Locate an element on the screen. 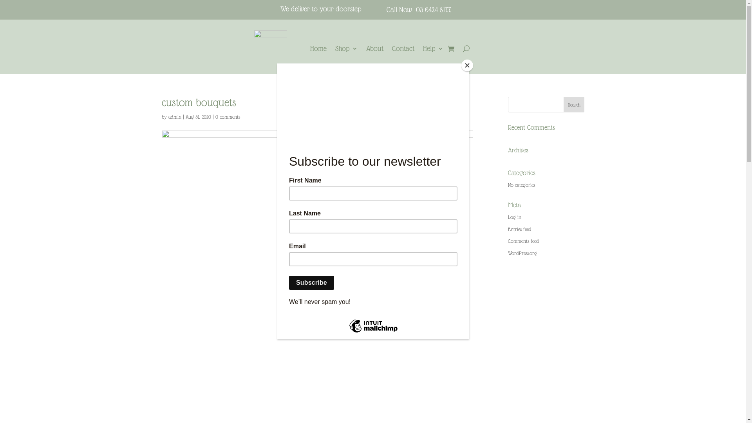 The width and height of the screenshot is (752, 423). 'Contact' is located at coordinates (403, 50).